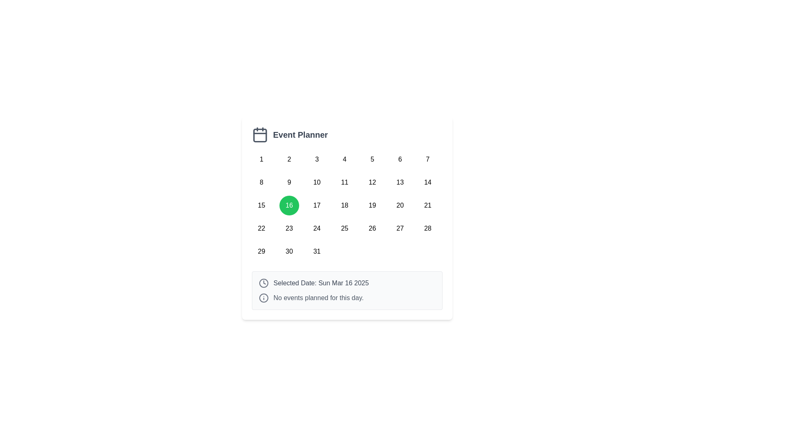 This screenshot has width=789, height=444. What do you see at coordinates (289, 160) in the screenshot?
I see `the button representing the date '2' in the calendar interface` at bounding box center [289, 160].